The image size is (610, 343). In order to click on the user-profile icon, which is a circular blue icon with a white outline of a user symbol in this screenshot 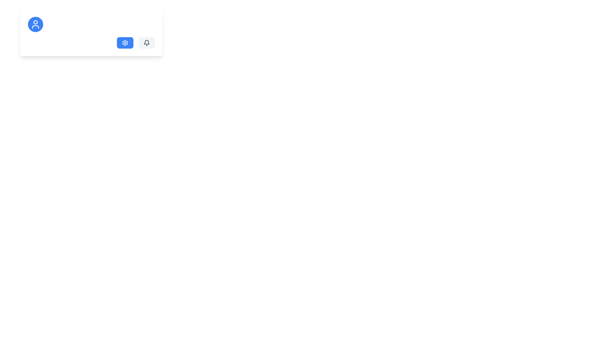, I will do `click(35, 24)`.